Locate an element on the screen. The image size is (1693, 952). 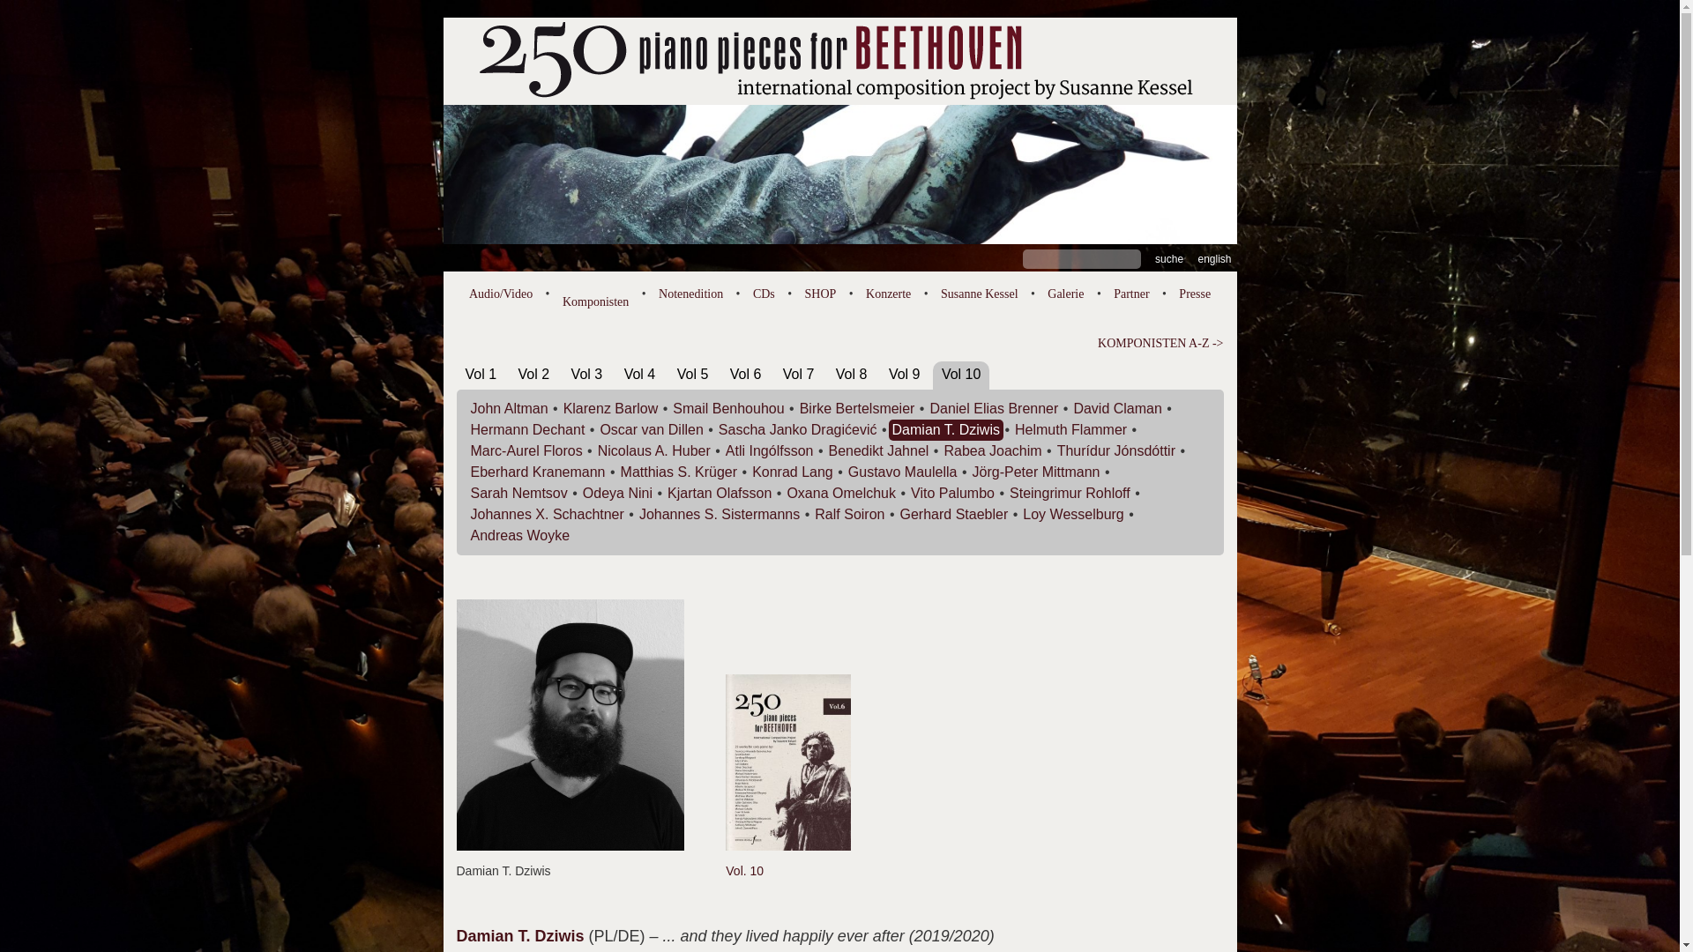
'CDs' is located at coordinates (764, 293).